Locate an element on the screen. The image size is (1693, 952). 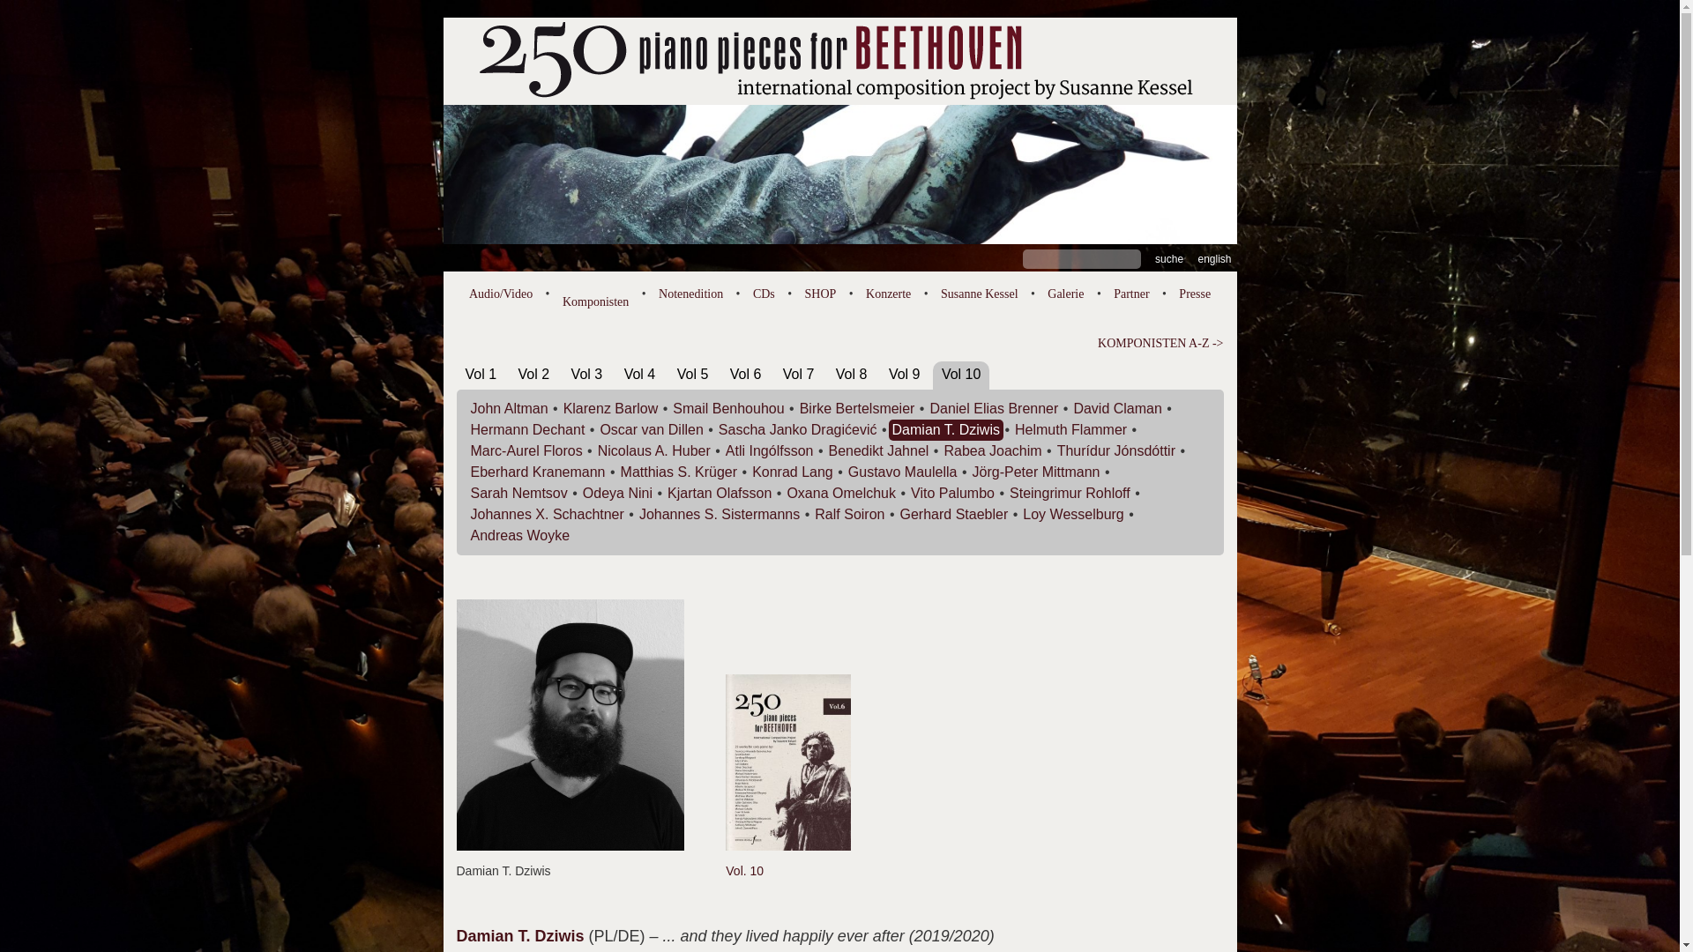
'CDs' is located at coordinates (764, 293).